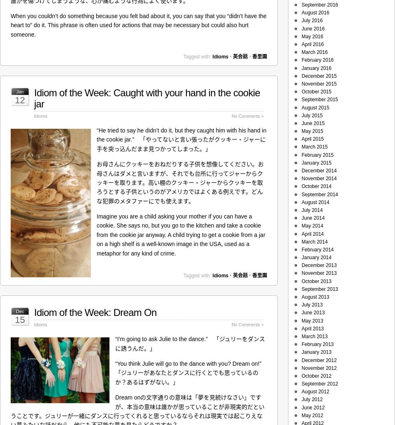 The image size is (395, 425). Describe the element at coordinates (312, 233) in the screenshot. I see `'April 2014'` at that location.